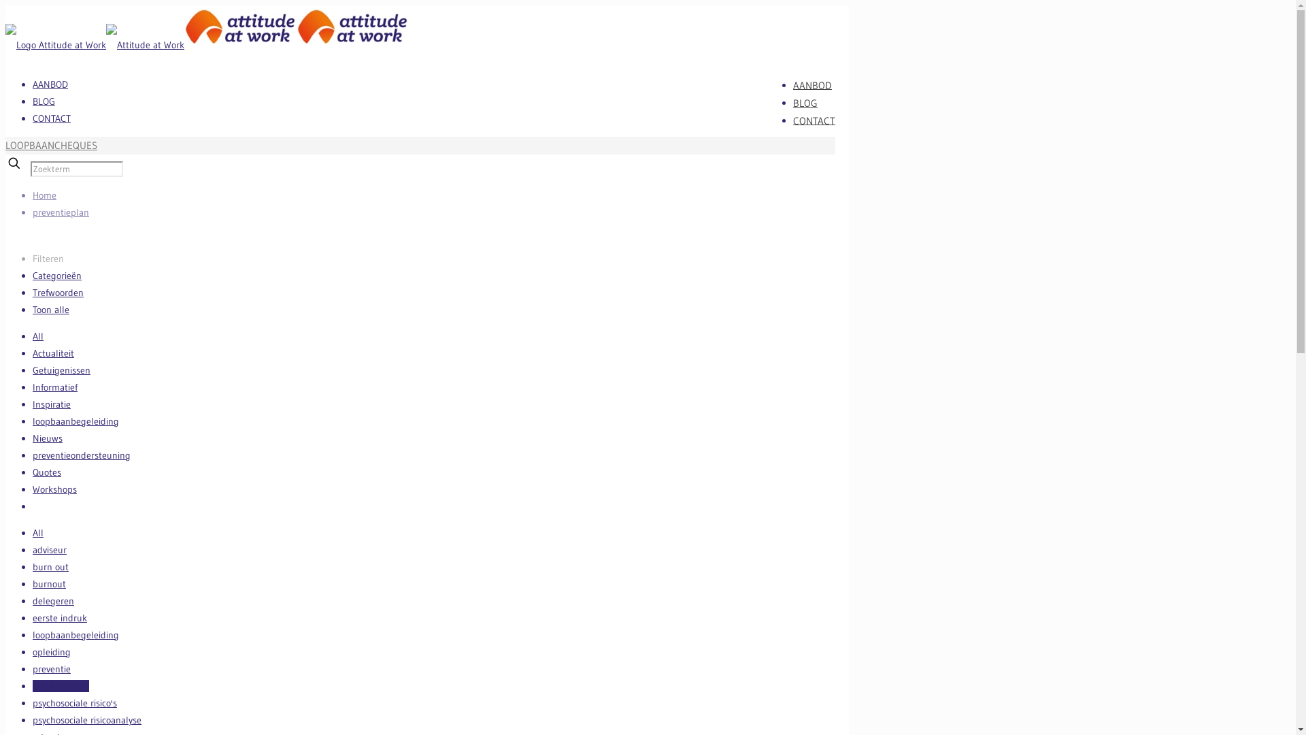 The image size is (1306, 735). Describe the element at coordinates (46, 472) in the screenshot. I see `'Quotes'` at that location.